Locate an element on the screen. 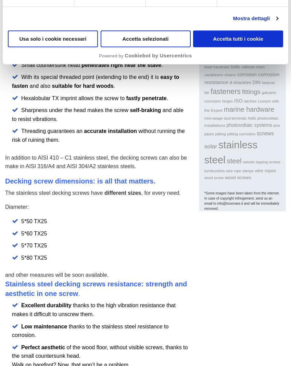  '(martensitic and ferromagnetic) makes the decking screws more resistant, without breaking the head while screwing them.' is located at coordinates (94, 42).